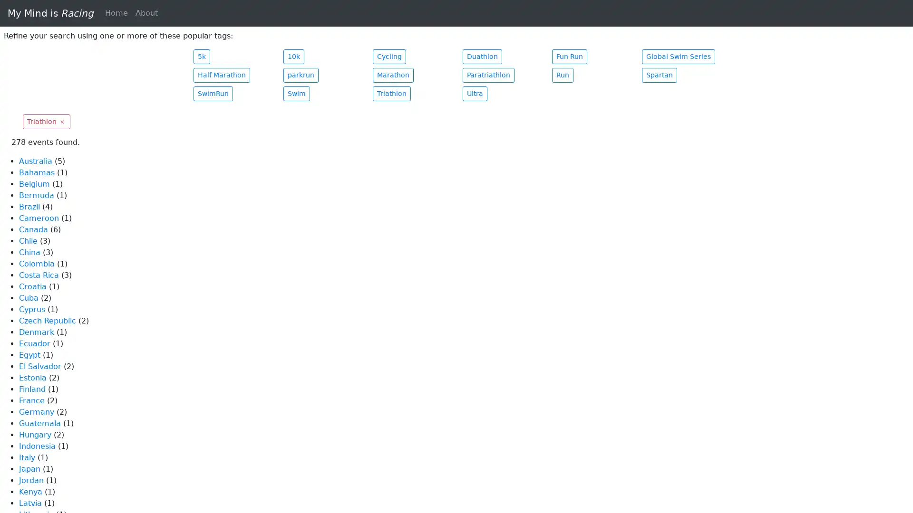 The image size is (913, 513). I want to click on Swim, so click(296, 94).